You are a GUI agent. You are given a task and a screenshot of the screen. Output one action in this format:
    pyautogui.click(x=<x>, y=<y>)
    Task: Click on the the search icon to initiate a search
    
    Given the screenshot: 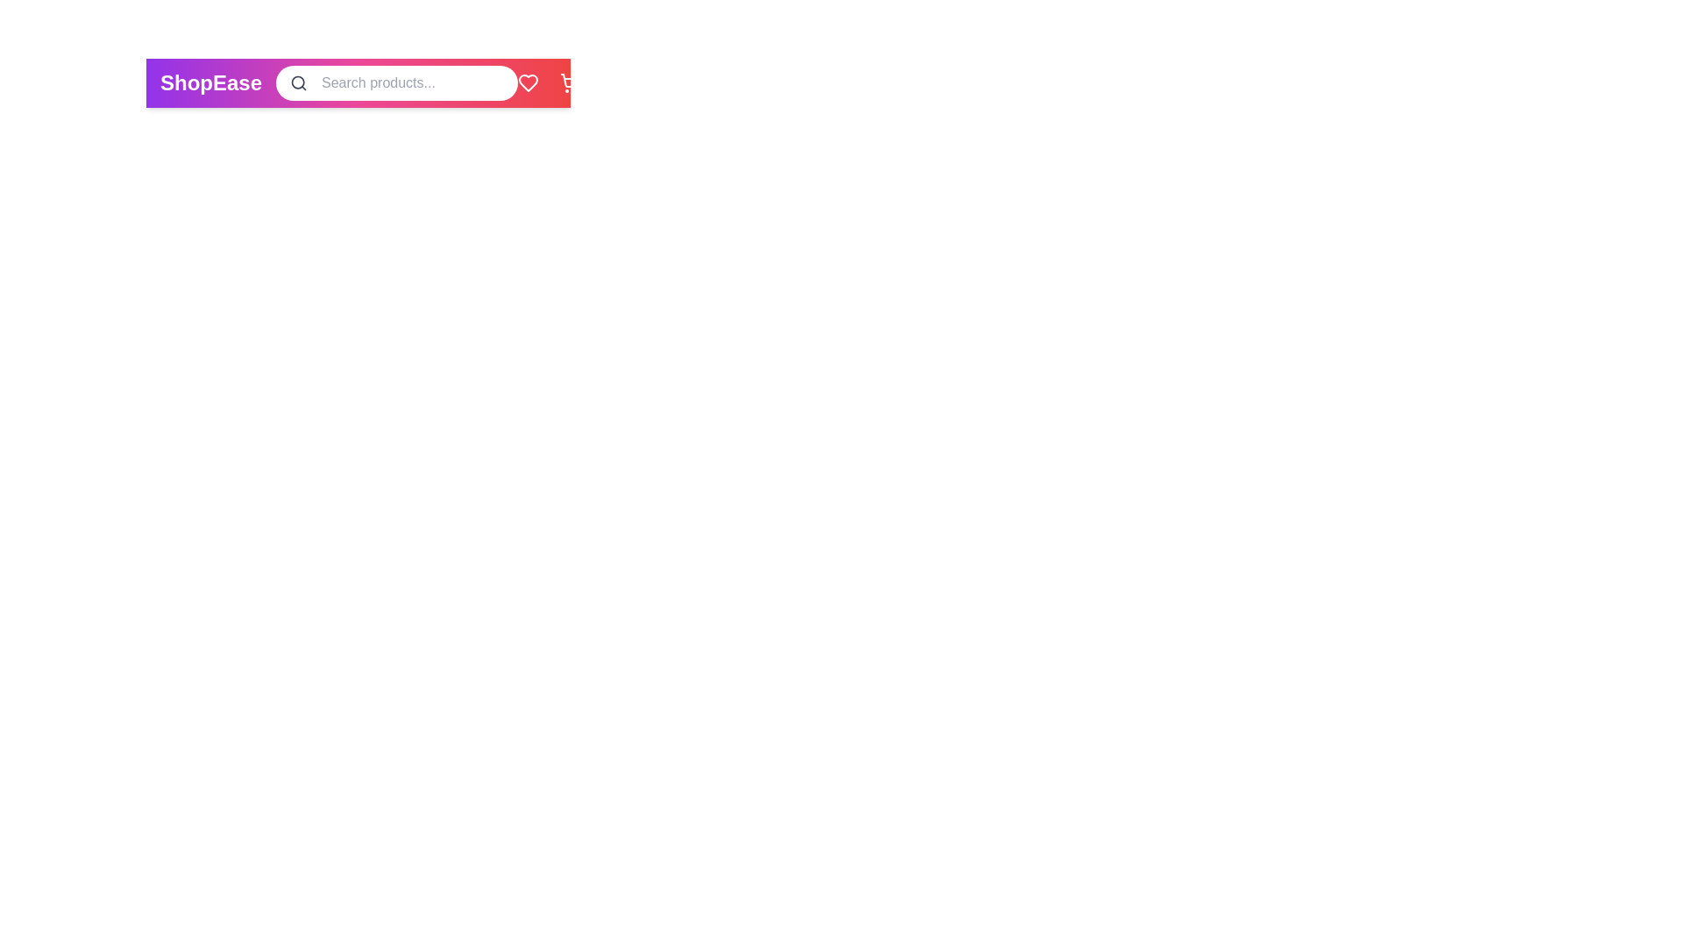 What is the action you would take?
    pyautogui.click(x=298, y=83)
    